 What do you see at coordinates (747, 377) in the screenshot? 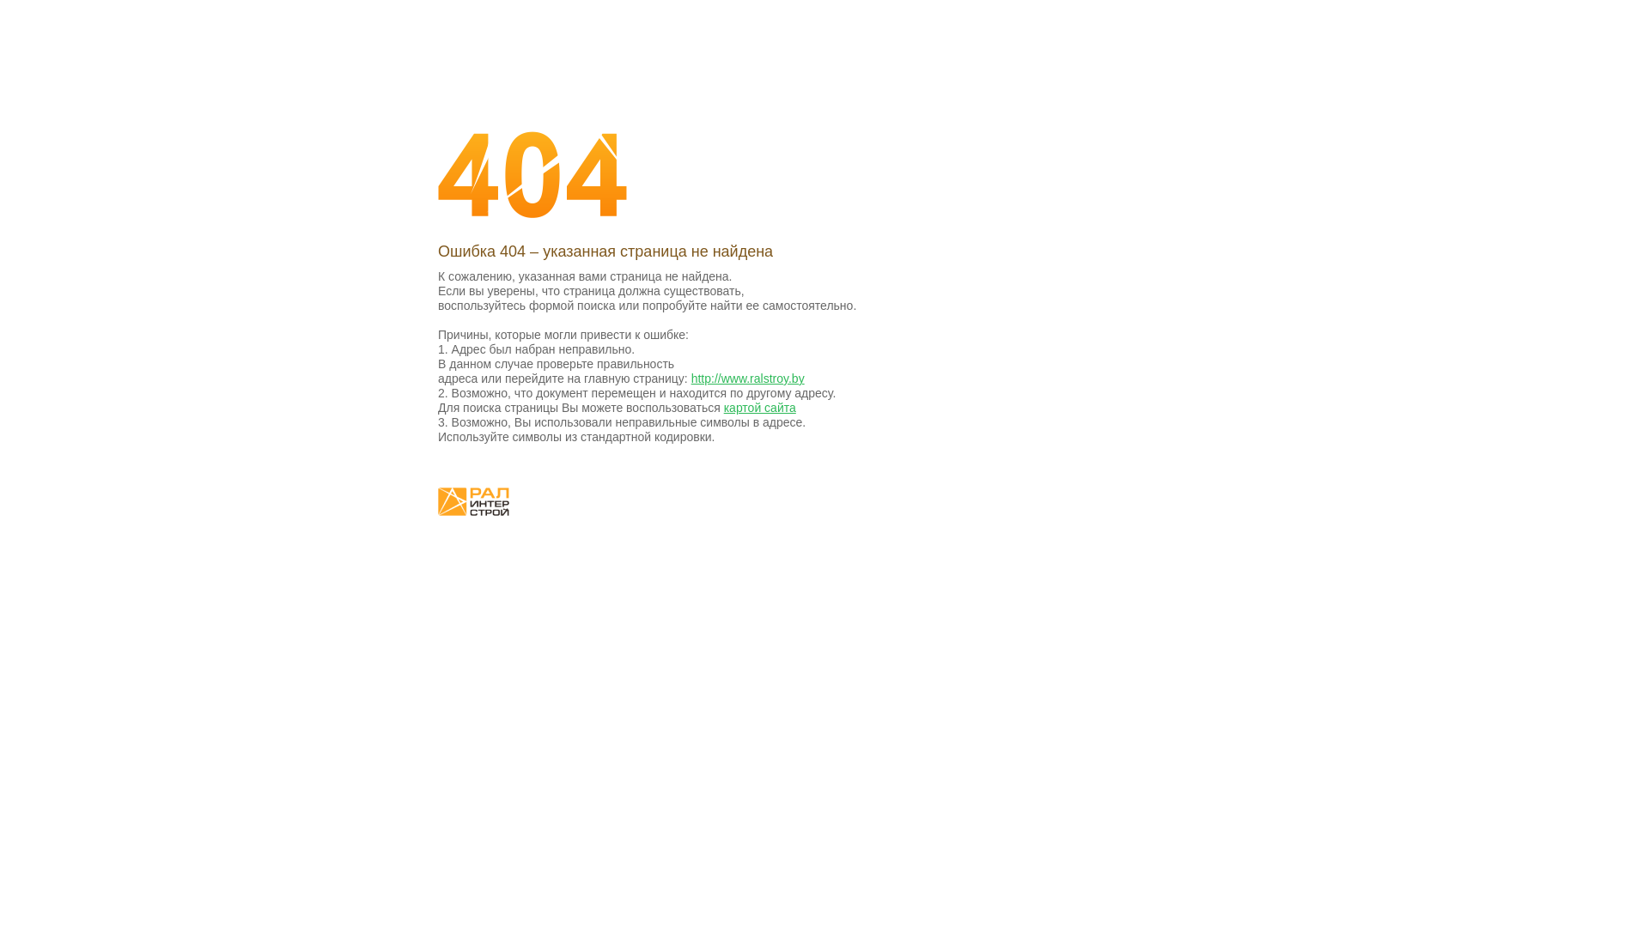
I see `'http://www.ralstroy.by'` at bounding box center [747, 377].